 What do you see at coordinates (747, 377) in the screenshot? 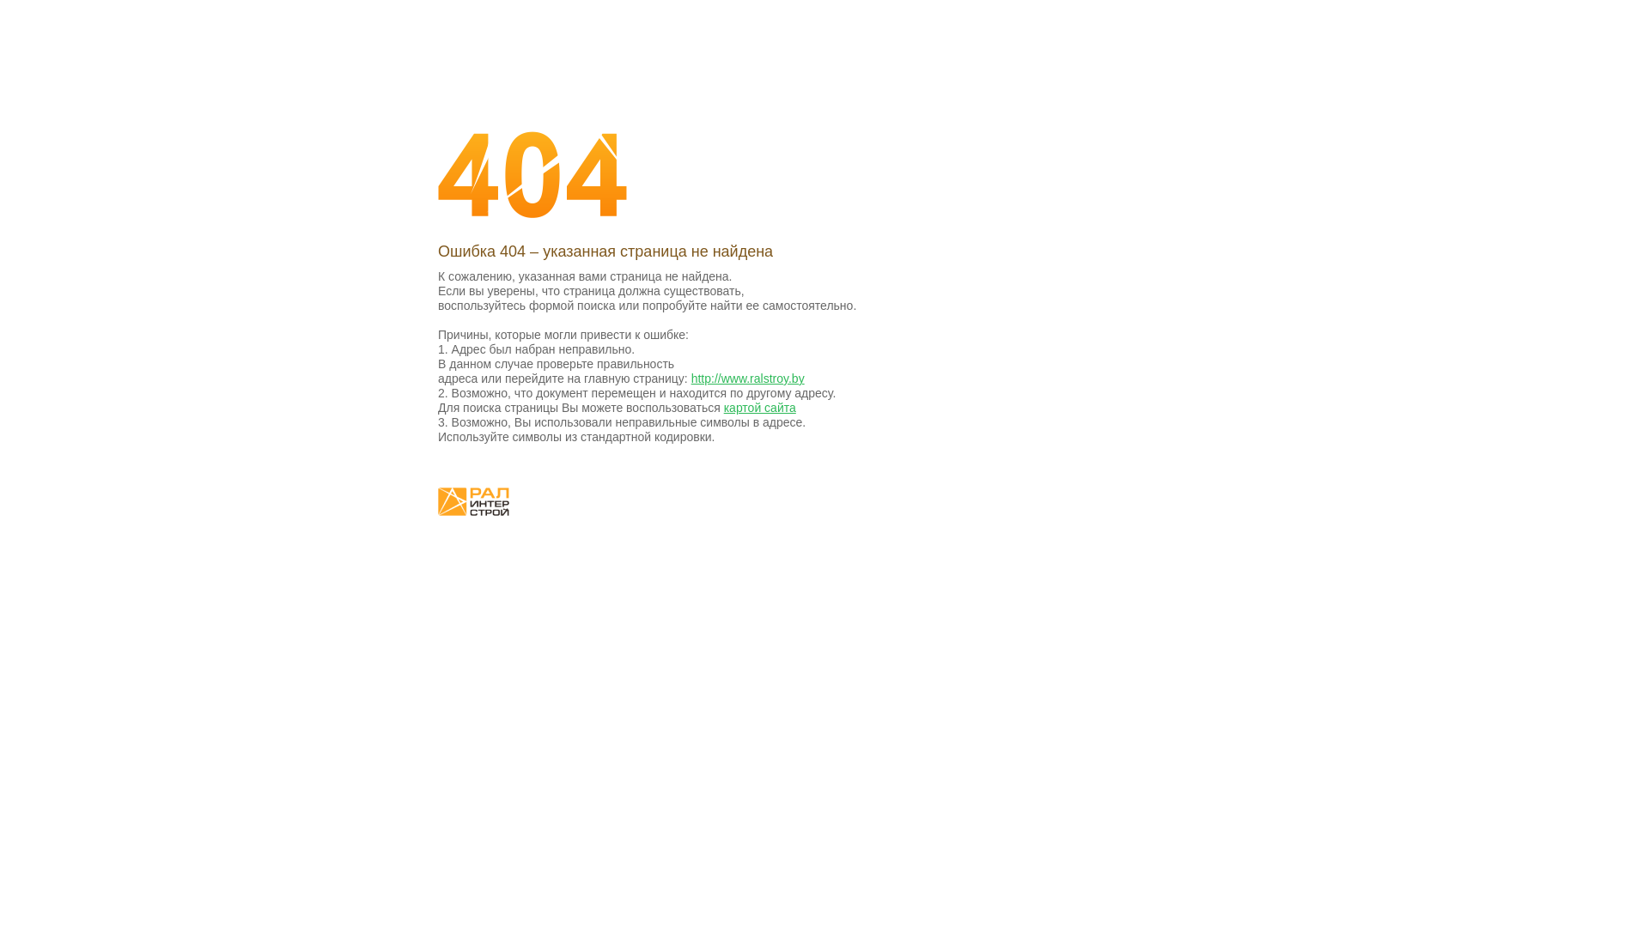
I see `'http://www.ralstroy.by'` at bounding box center [747, 377].